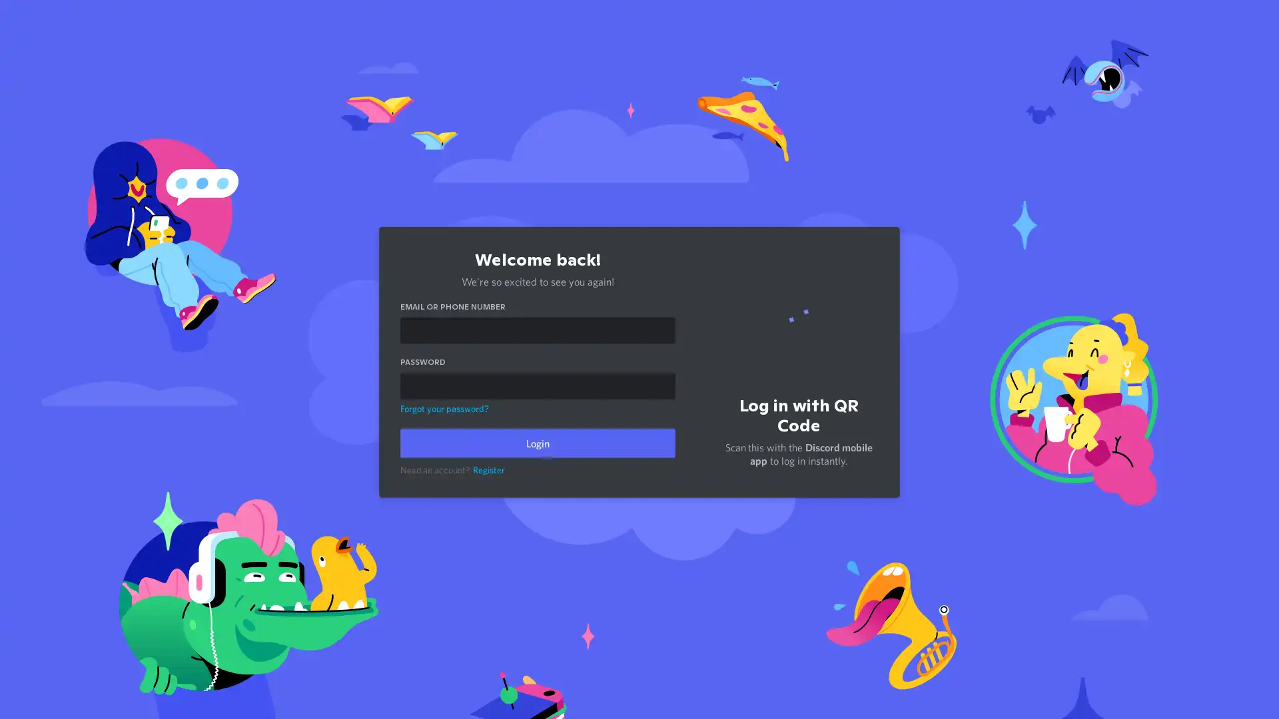  I want to click on Register, so click(488, 467).